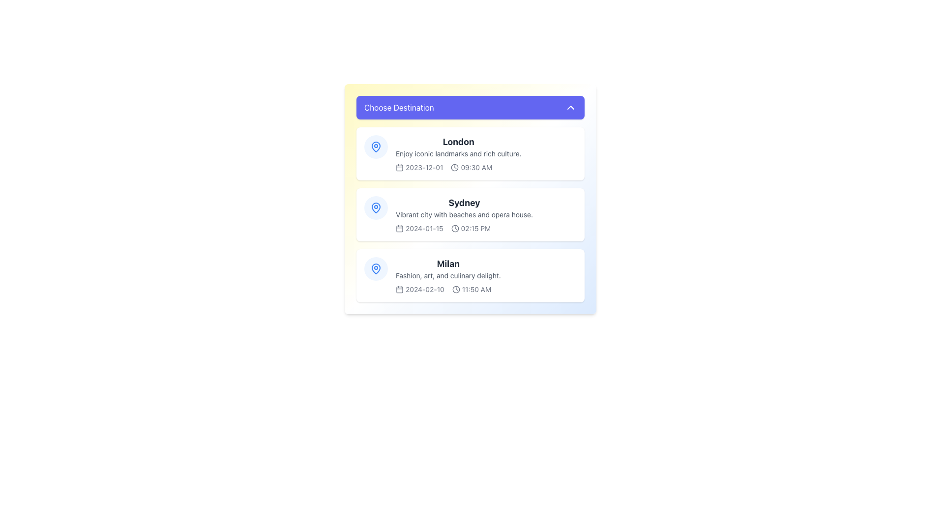 This screenshot has width=944, height=531. Describe the element at coordinates (571, 108) in the screenshot. I see `the chevron-shaped icon pointing upwards located at the top-right corner of the 'Choose Destination' header bar` at that location.